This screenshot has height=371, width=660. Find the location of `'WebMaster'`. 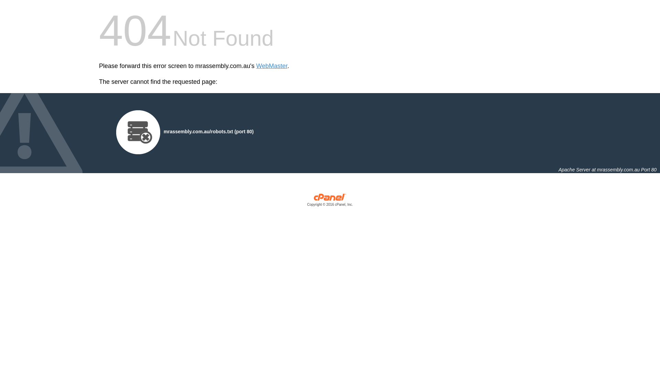

'WebMaster' is located at coordinates (271, 66).